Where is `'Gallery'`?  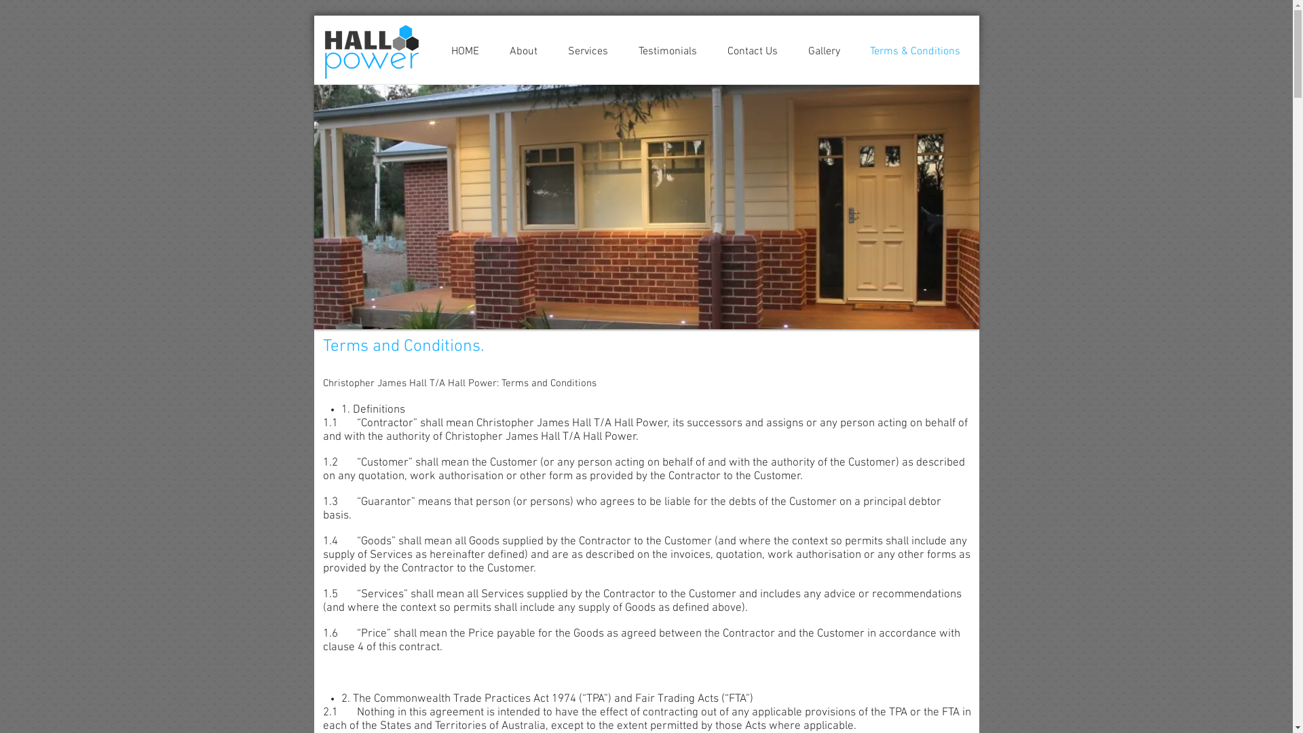 'Gallery' is located at coordinates (823, 51).